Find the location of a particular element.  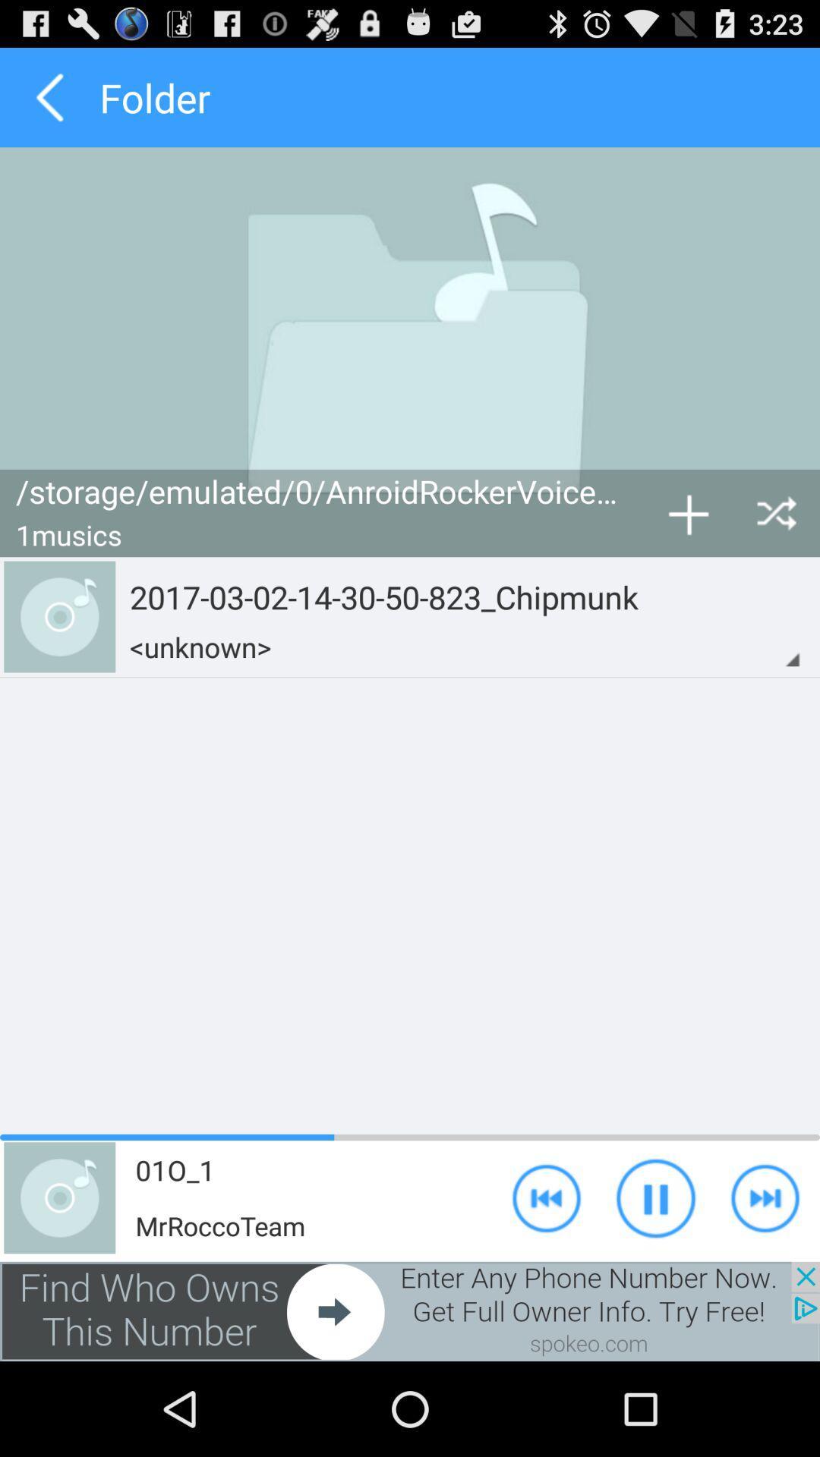

folder option is located at coordinates (49, 96).